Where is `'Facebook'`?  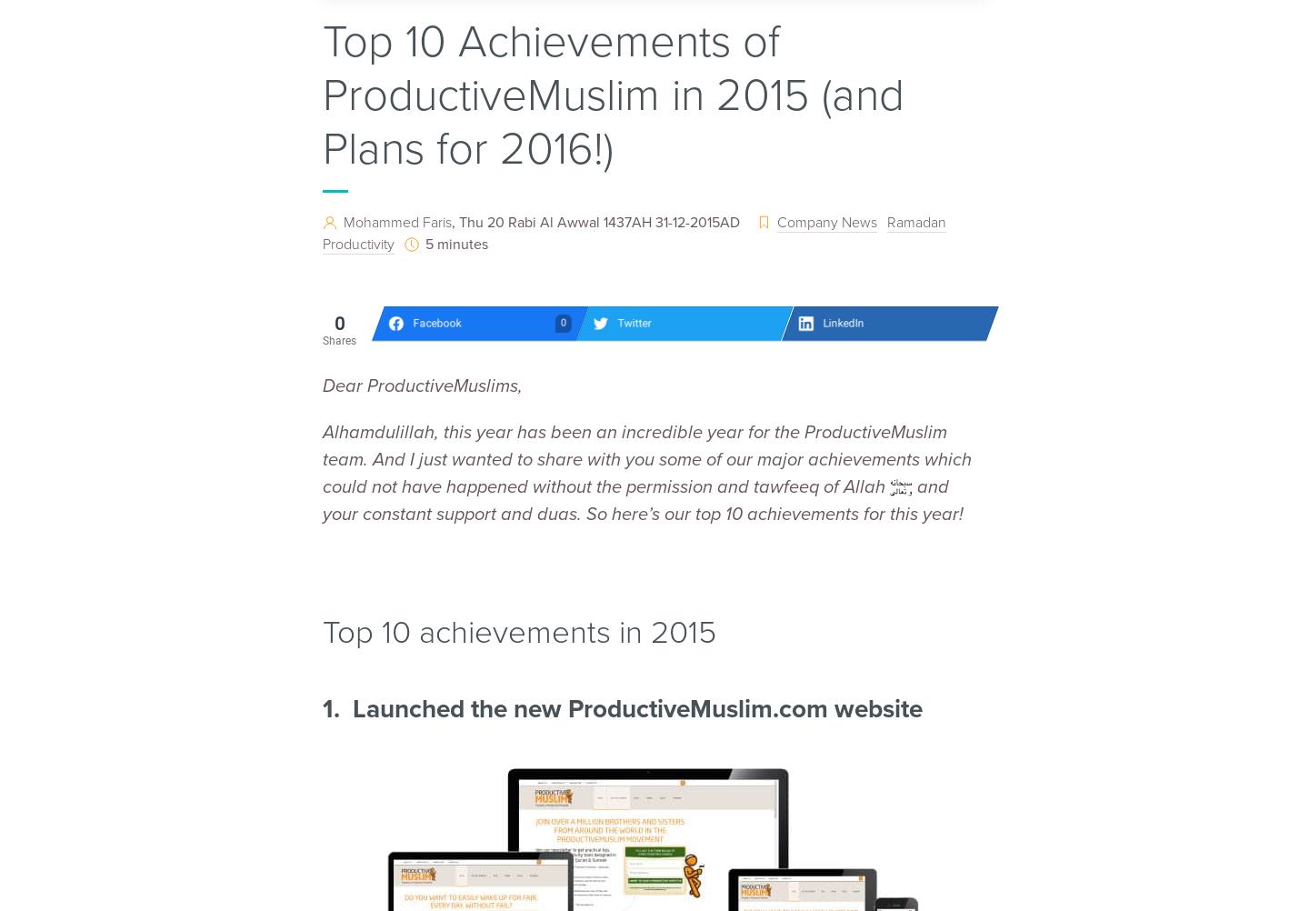 'Facebook' is located at coordinates (436, 323).